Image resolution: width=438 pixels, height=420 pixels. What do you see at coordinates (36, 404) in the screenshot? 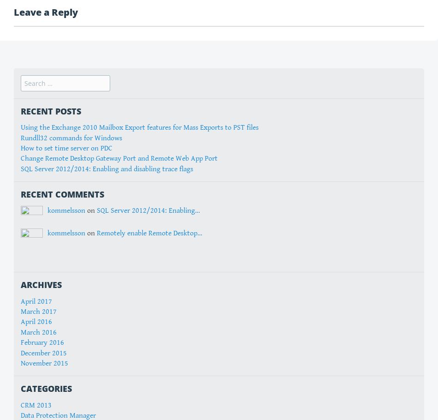
I see `'CRM 2013'` at bounding box center [36, 404].